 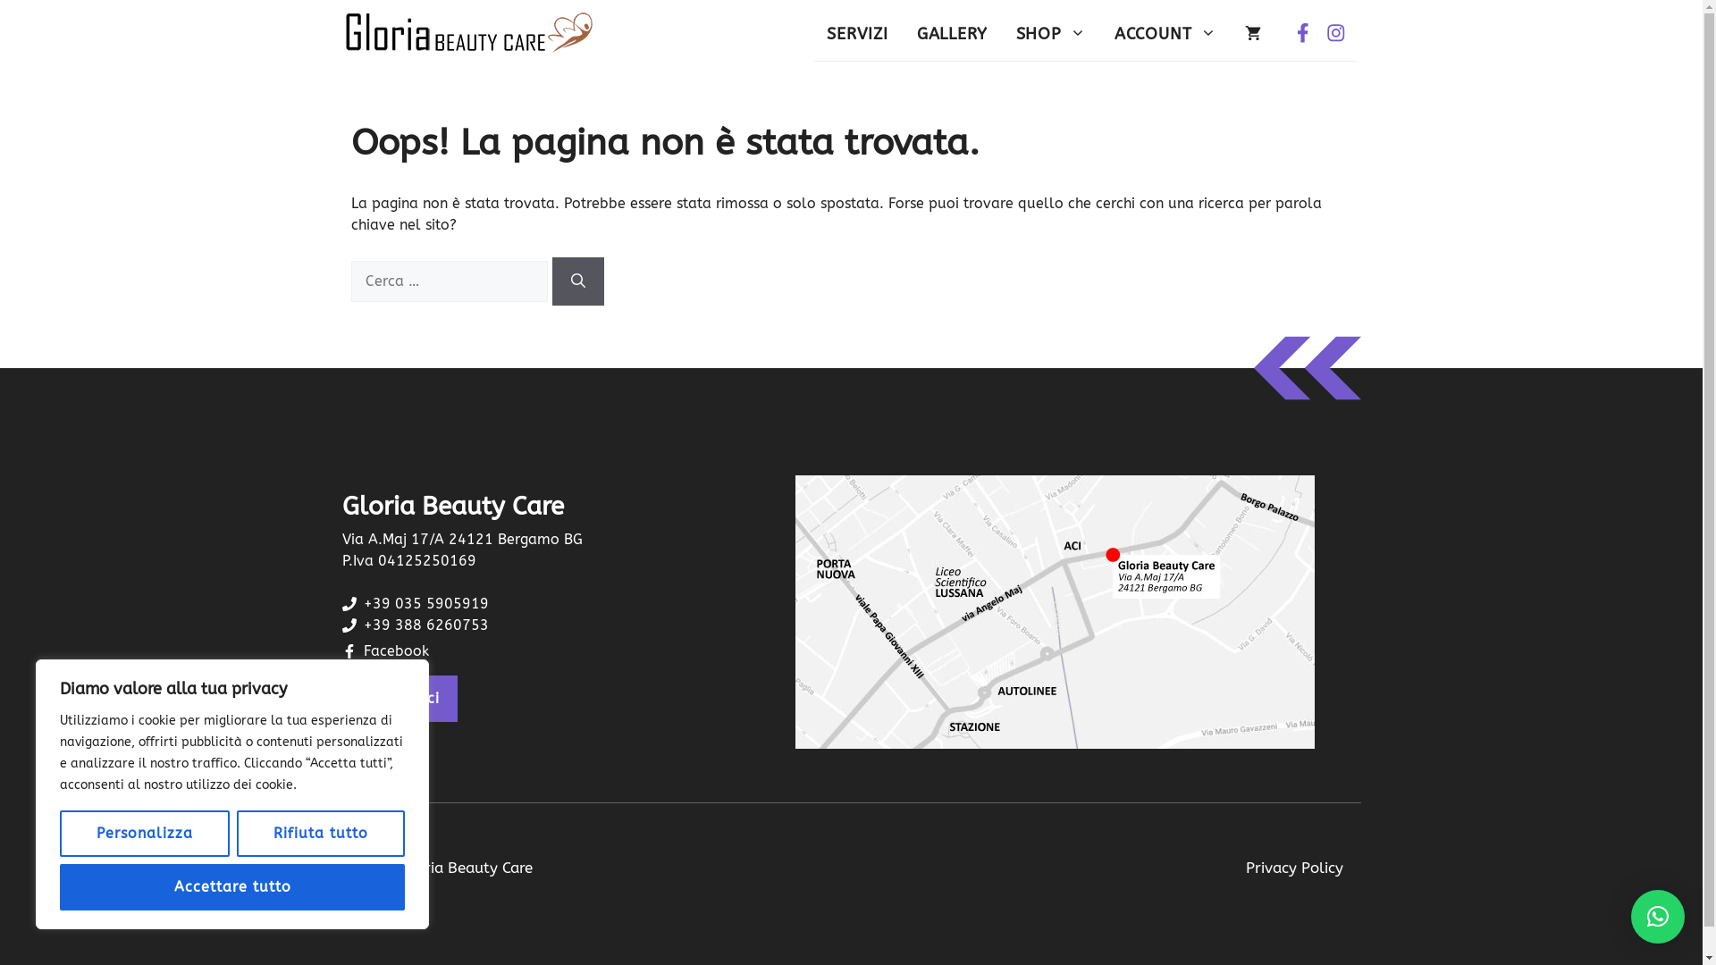 What do you see at coordinates (951, 34) in the screenshot?
I see `'GALLERY'` at bounding box center [951, 34].